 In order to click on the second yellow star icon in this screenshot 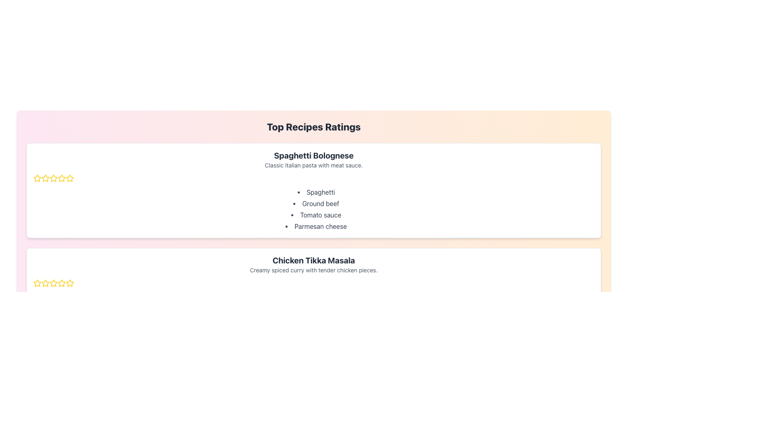, I will do `click(61, 178)`.